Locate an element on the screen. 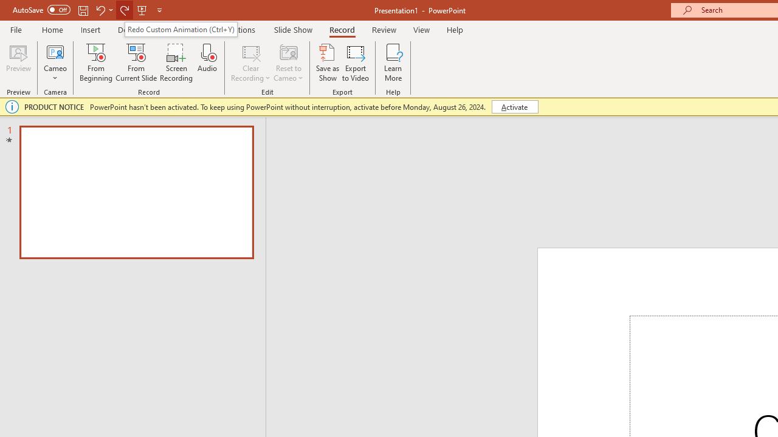 The image size is (778, 437). 'Redo Custom Animation (Ctrl+Y)' is located at coordinates (180, 29).